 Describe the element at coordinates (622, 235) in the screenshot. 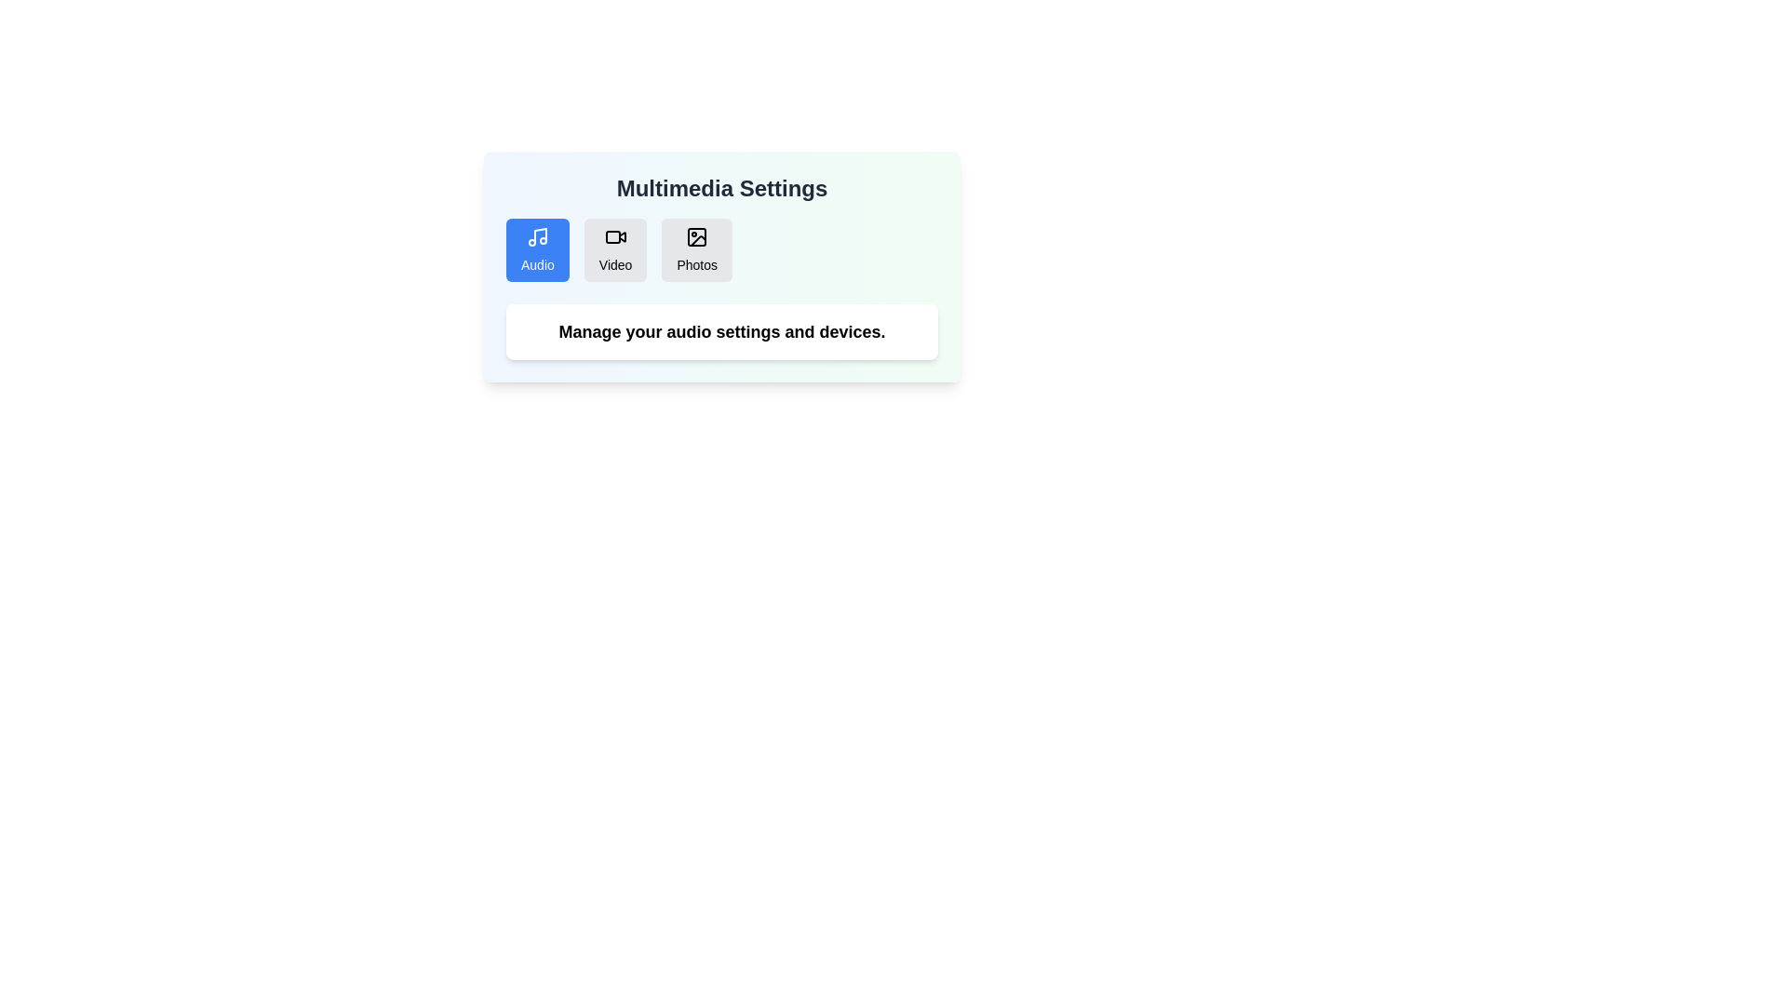

I see `the decorative part of the 'Video' icon, which is located inside the second button in the row of three above the text 'Manage your audio settings and devices'` at that location.